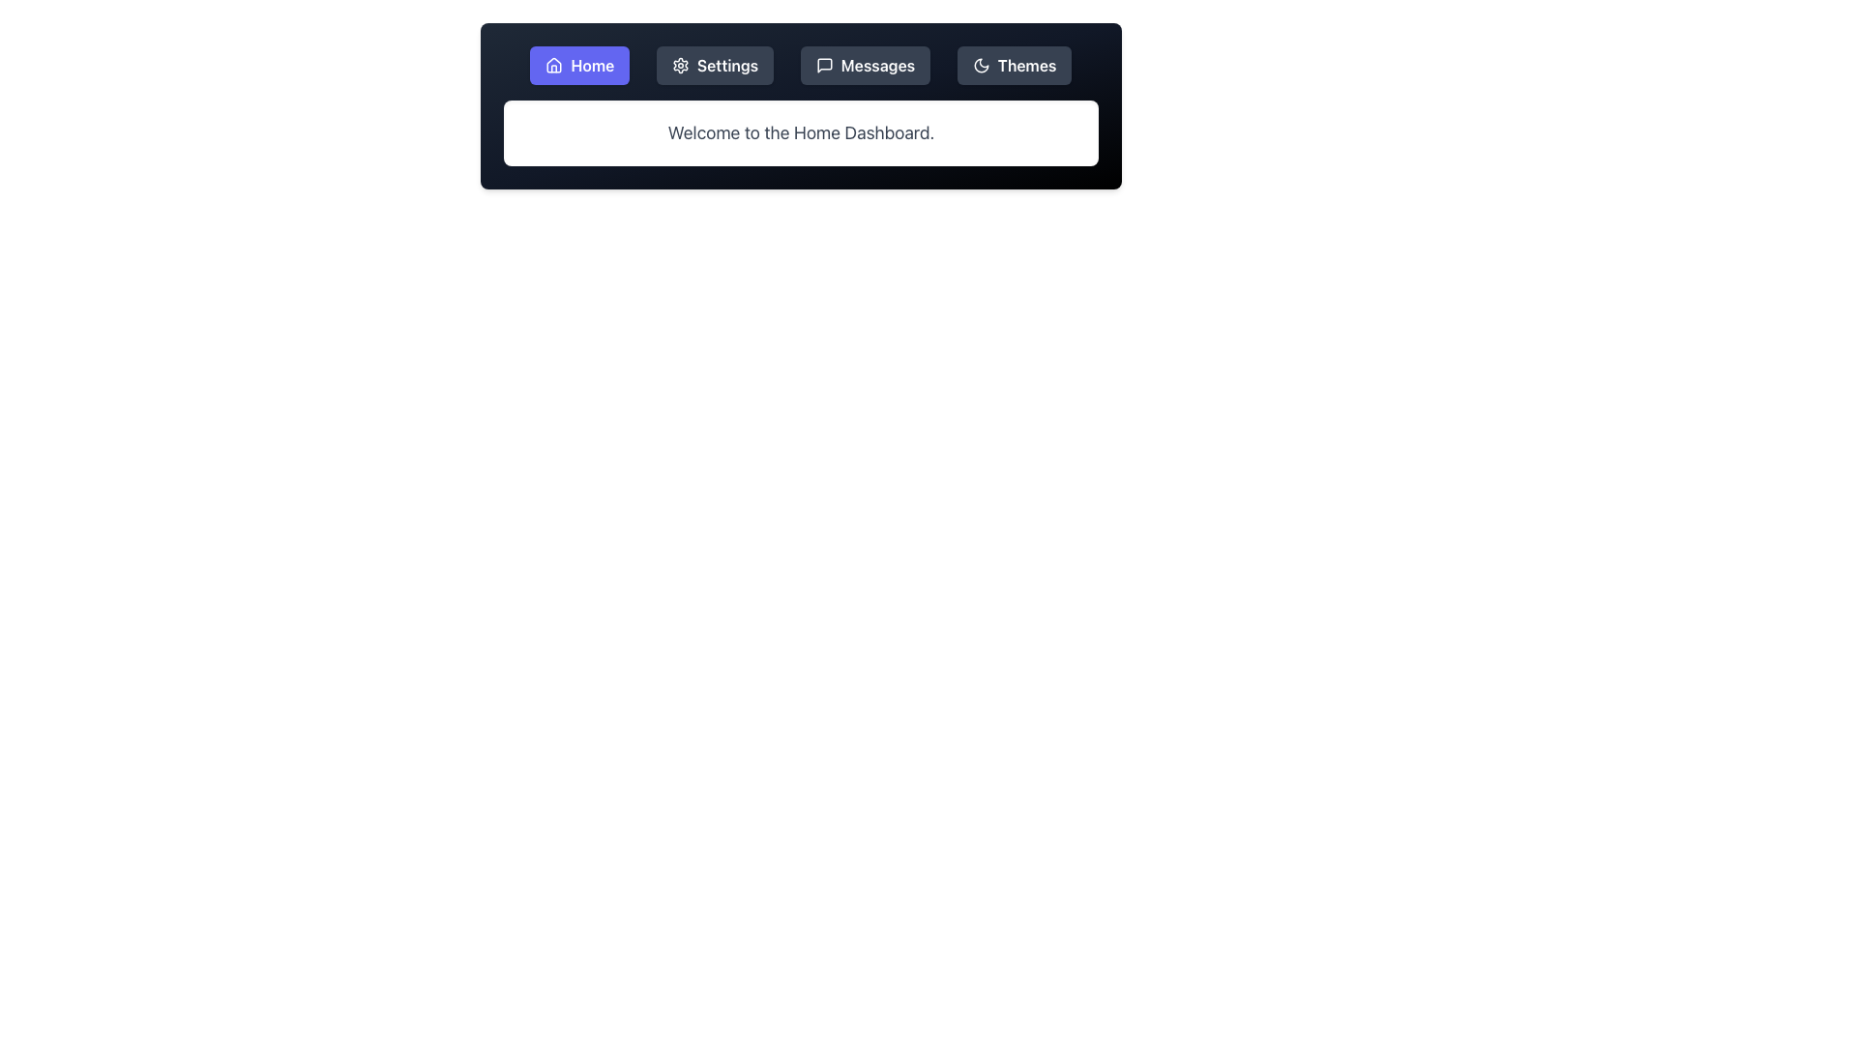  What do you see at coordinates (1014, 65) in the screenshot?
I see `the theme management button located in the navigation bar at the top of the interface, which is the fourth button from the left` at bounding box center [1014, 65].